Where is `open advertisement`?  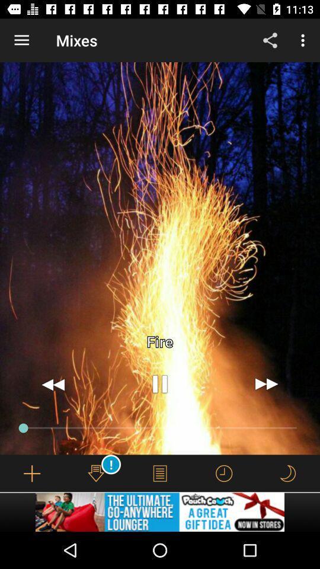 open advertisement is located at coordinates (160, 512).